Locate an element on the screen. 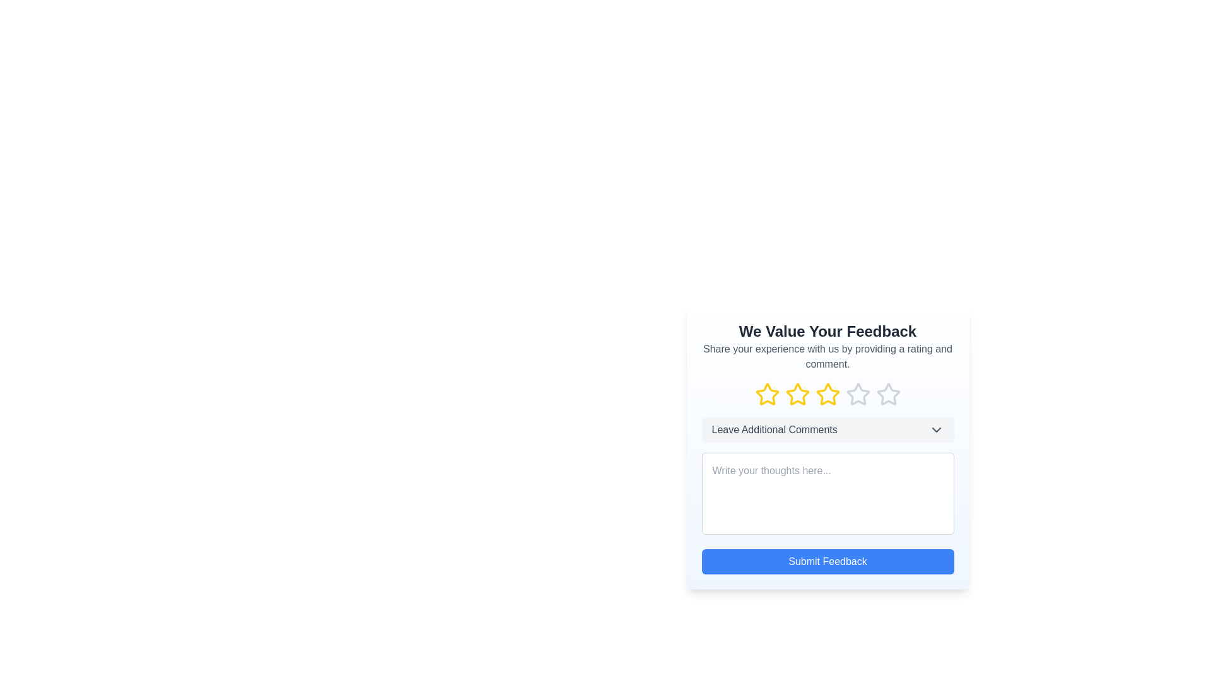 The height and width of the screenshot is (681, 1211). the third star icon in the feedback rating component is located at coordinates (797, 393).